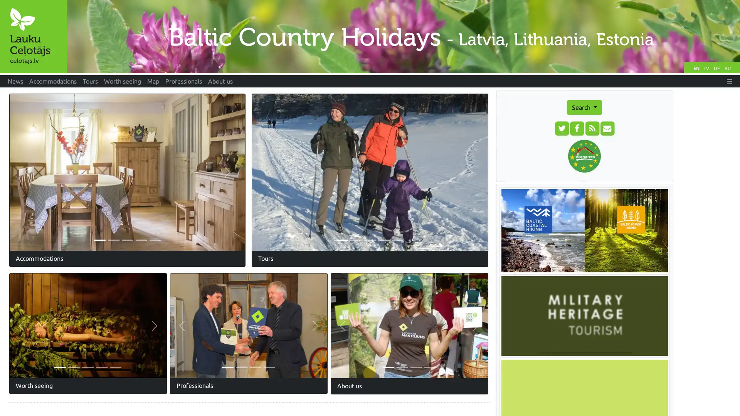 This screenshot has height=416, width=740. Describe the element at coordinates (181, 325) in the screenshot. I see `Previous` at that location.